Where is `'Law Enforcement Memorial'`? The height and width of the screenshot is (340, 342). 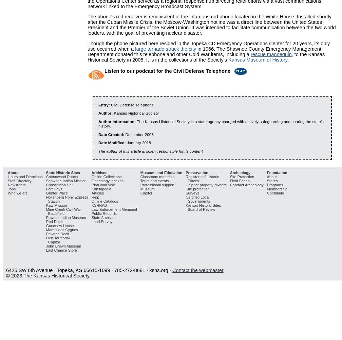 'Law Enforcement Memorial' is located at coordinates (114, 209).